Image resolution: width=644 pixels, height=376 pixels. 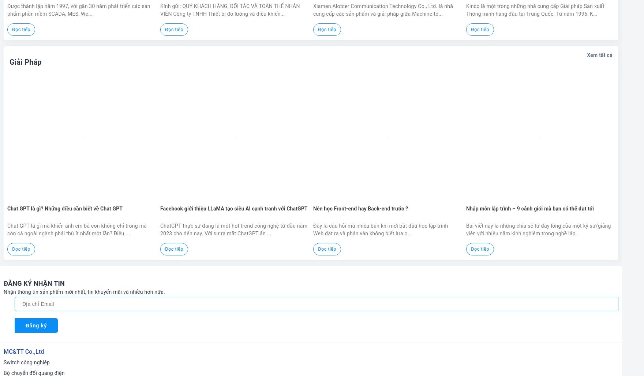 I want to click on 'Nên học Front-end hay Back-end trước ?', so click(x=360, y=208).